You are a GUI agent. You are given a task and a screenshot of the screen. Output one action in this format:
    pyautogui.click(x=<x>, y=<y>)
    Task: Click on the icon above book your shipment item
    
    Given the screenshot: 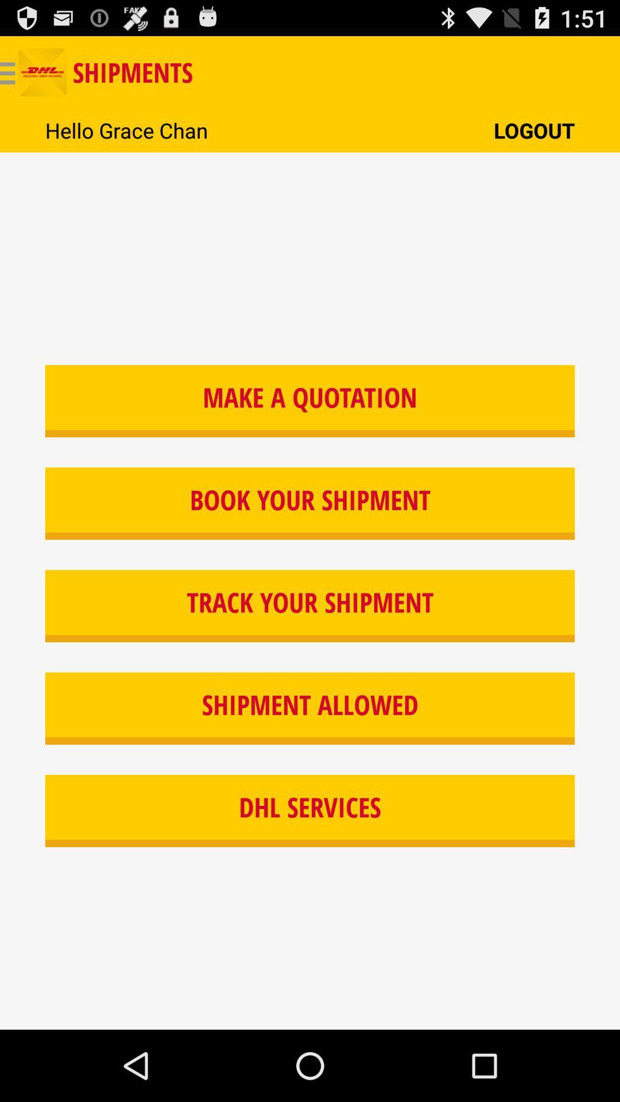 What is the action you would take?
    pyautogui.click(x=310, y=401)
    